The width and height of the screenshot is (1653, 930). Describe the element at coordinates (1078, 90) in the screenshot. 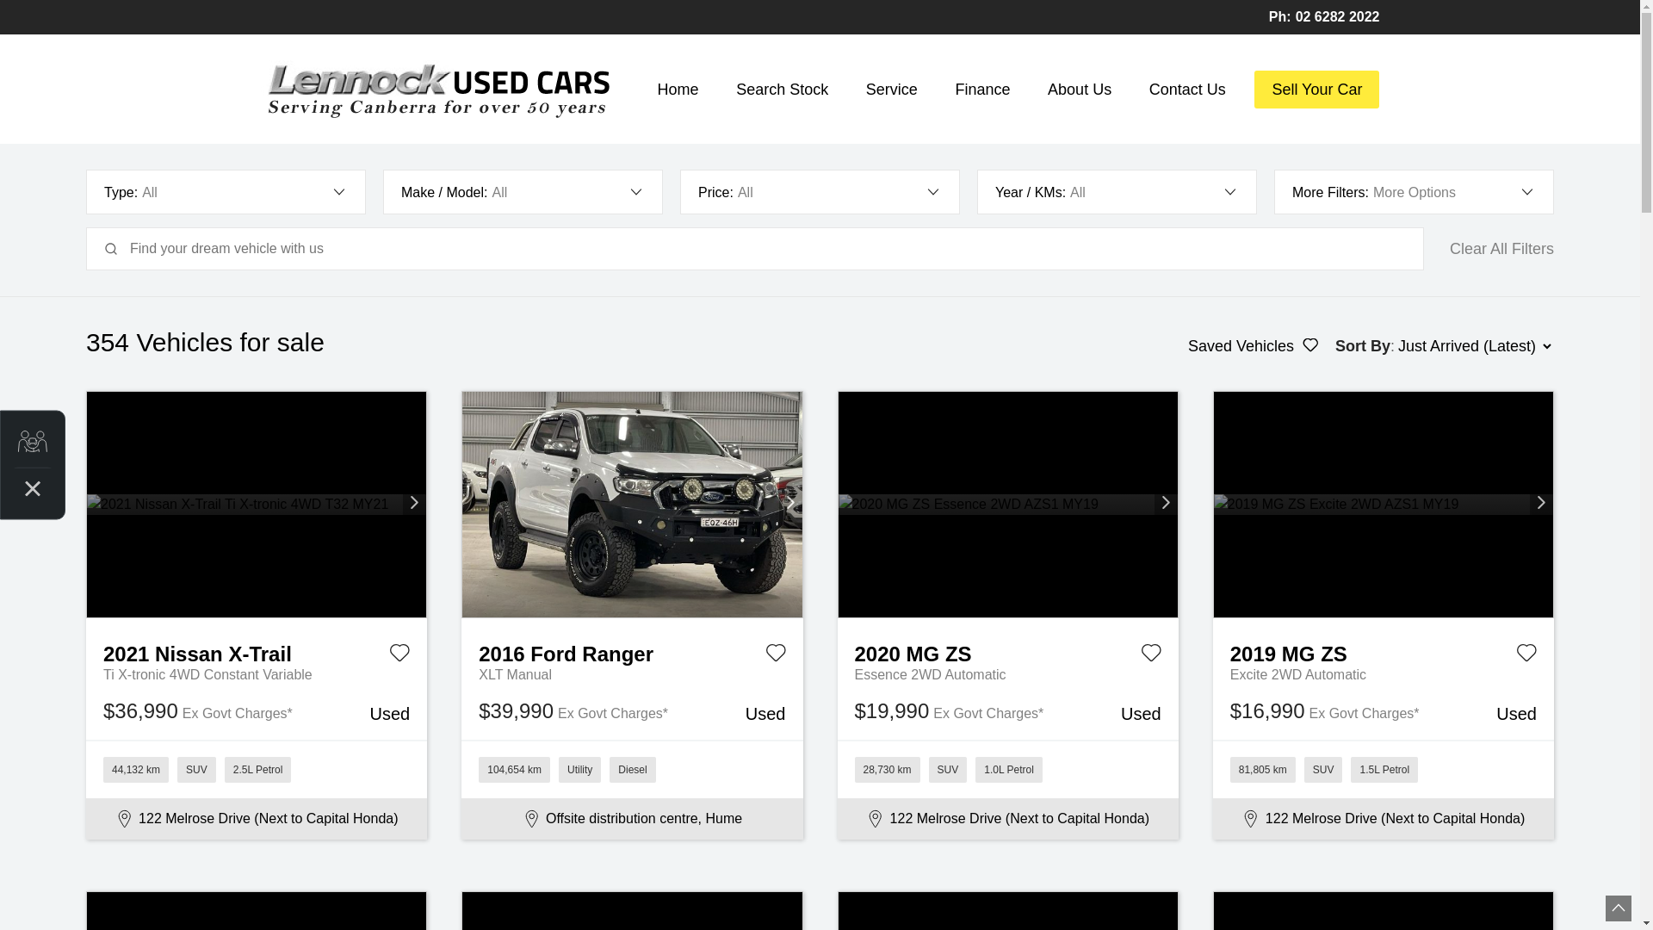

I see `'About Us'` at that location.